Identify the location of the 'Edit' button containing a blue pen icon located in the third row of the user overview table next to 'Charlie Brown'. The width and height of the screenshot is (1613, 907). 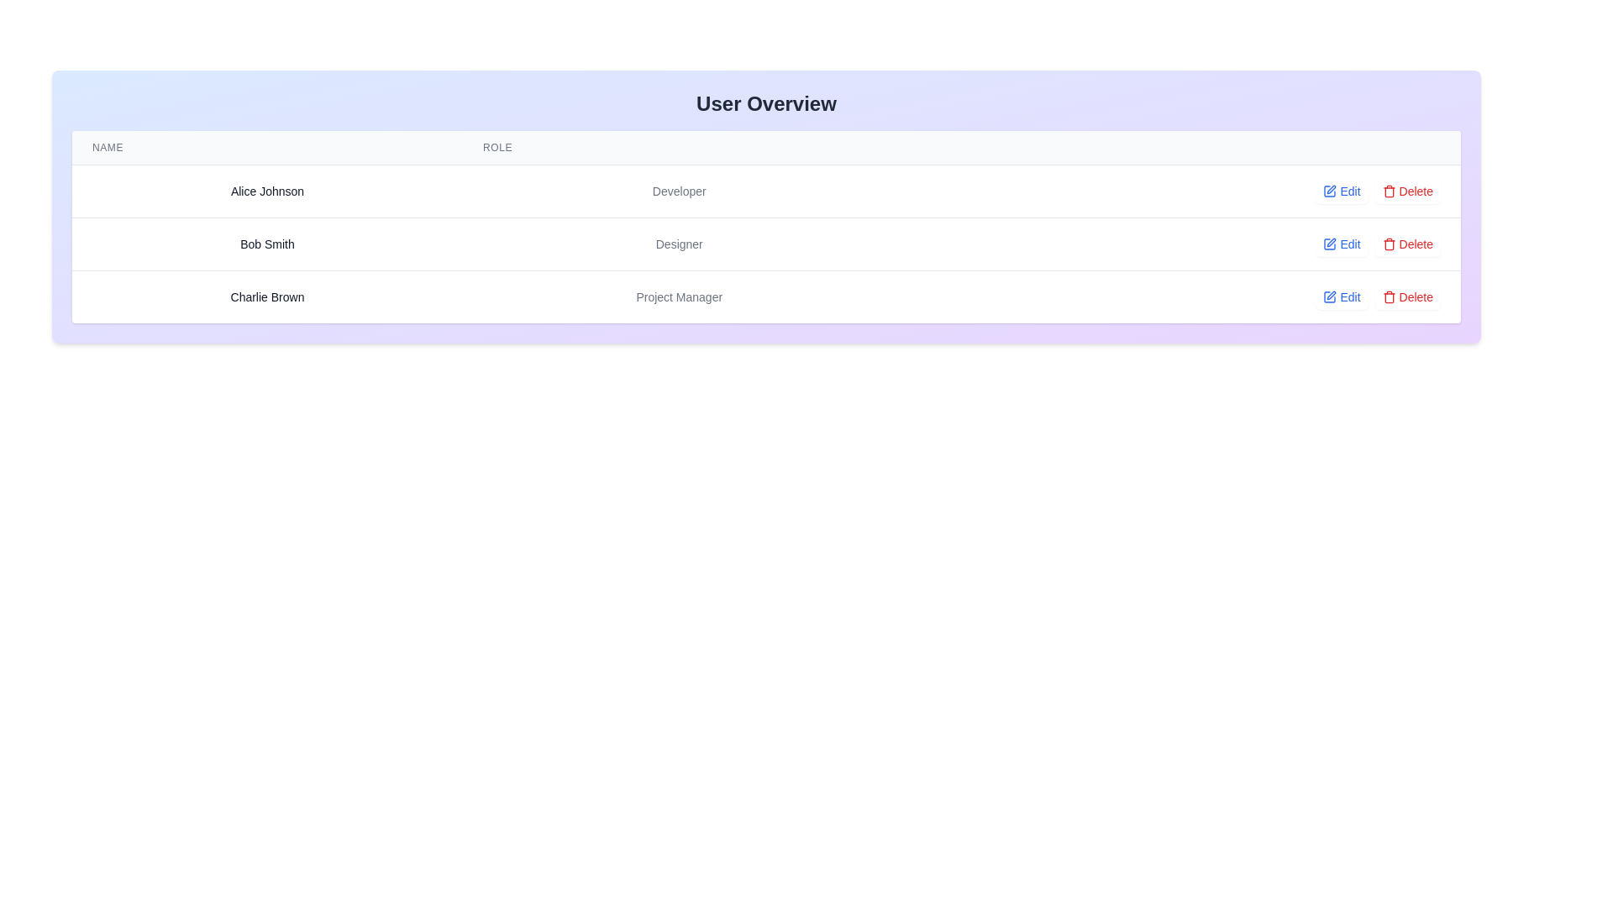
(1329, 296).